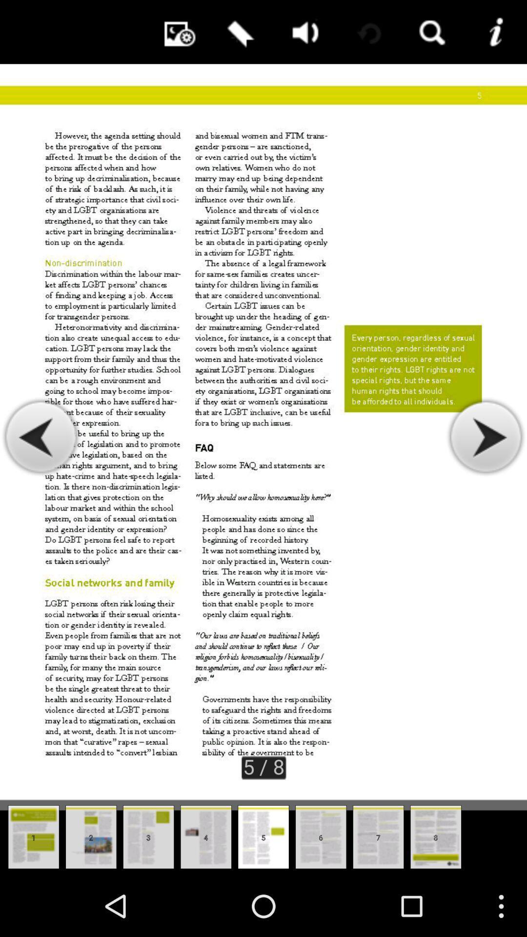 This screenshot has width=527, height=937. What do you see at coordinates (302, 32) in the screenshot?
I see `speaker` at bounding box center [302, 32].